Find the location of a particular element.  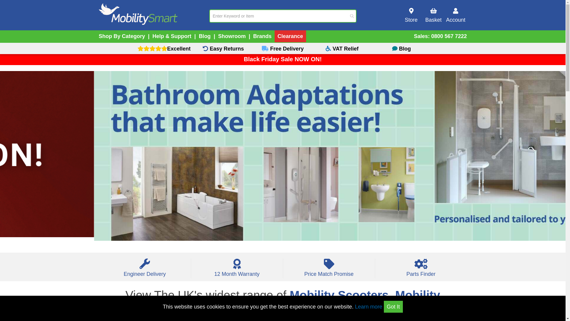

'Blog' is located at coordinates (205, 36).